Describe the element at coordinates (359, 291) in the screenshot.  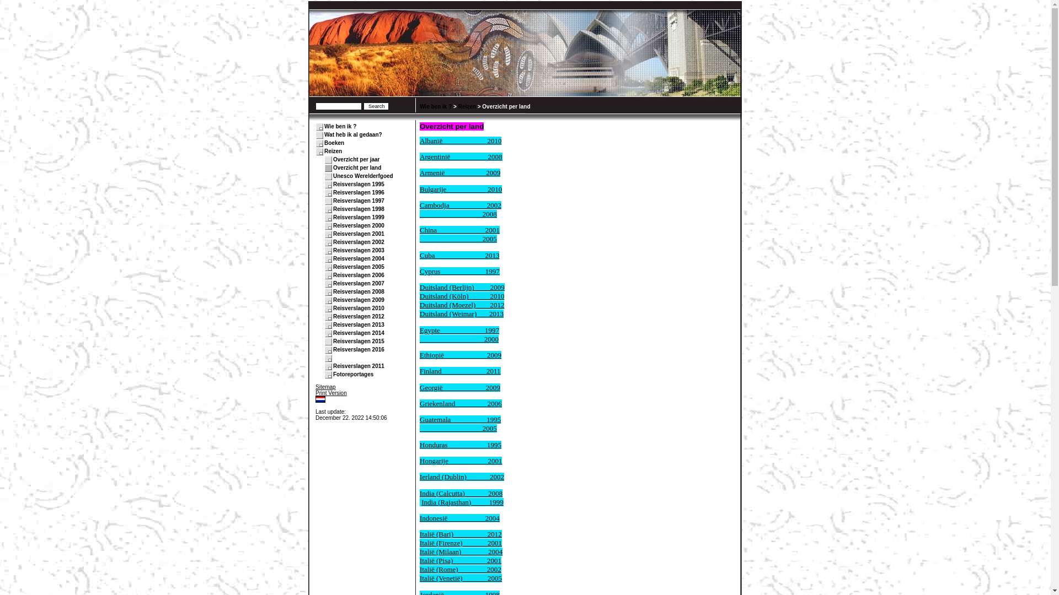
I see `'Reisverslagen 2008'` at that location.